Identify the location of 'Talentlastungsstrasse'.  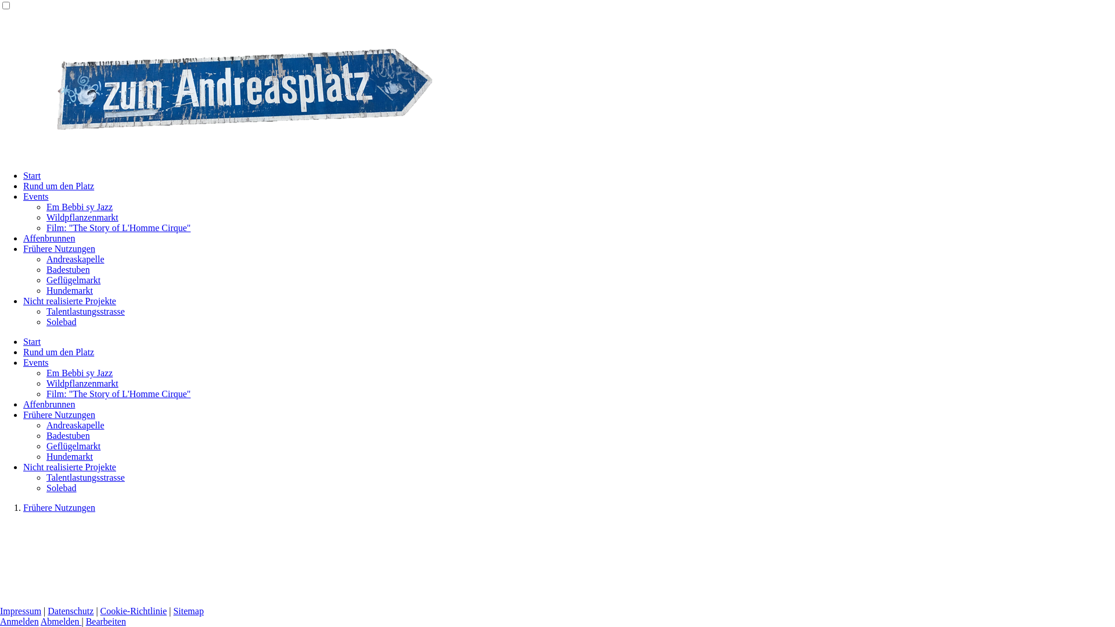
(85, 477).